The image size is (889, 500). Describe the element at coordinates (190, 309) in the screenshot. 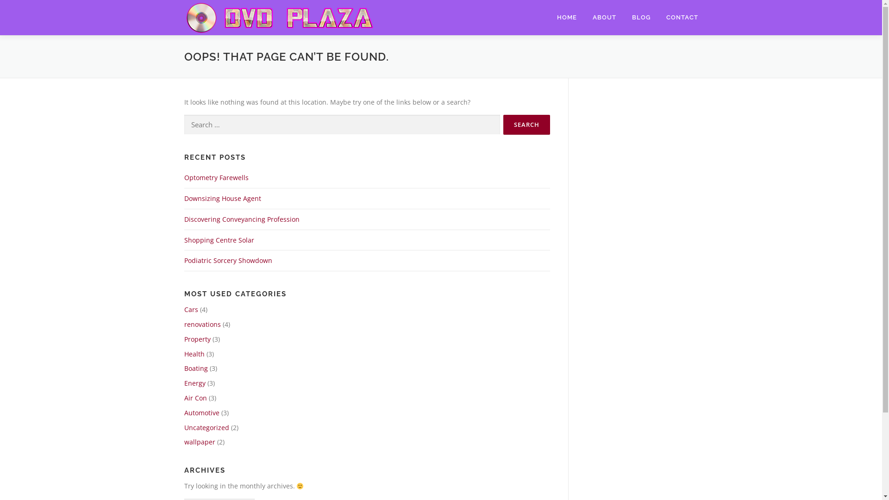

I see `'Cars'` at that location.